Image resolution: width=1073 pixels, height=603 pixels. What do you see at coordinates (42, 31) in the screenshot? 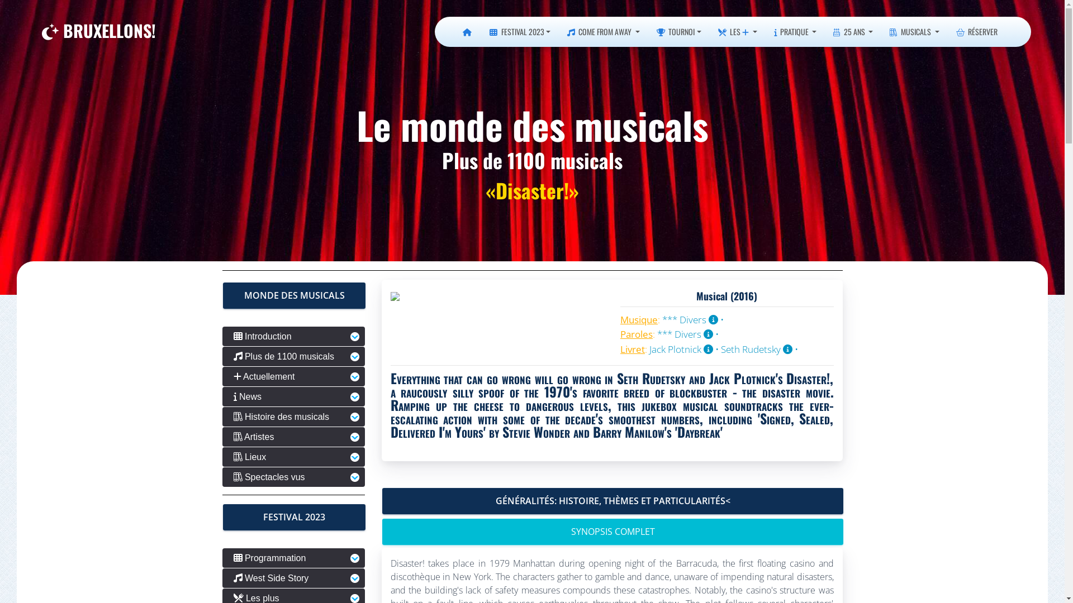
I see `'BRUXELLONS!'` at bounding box center [42, 31].